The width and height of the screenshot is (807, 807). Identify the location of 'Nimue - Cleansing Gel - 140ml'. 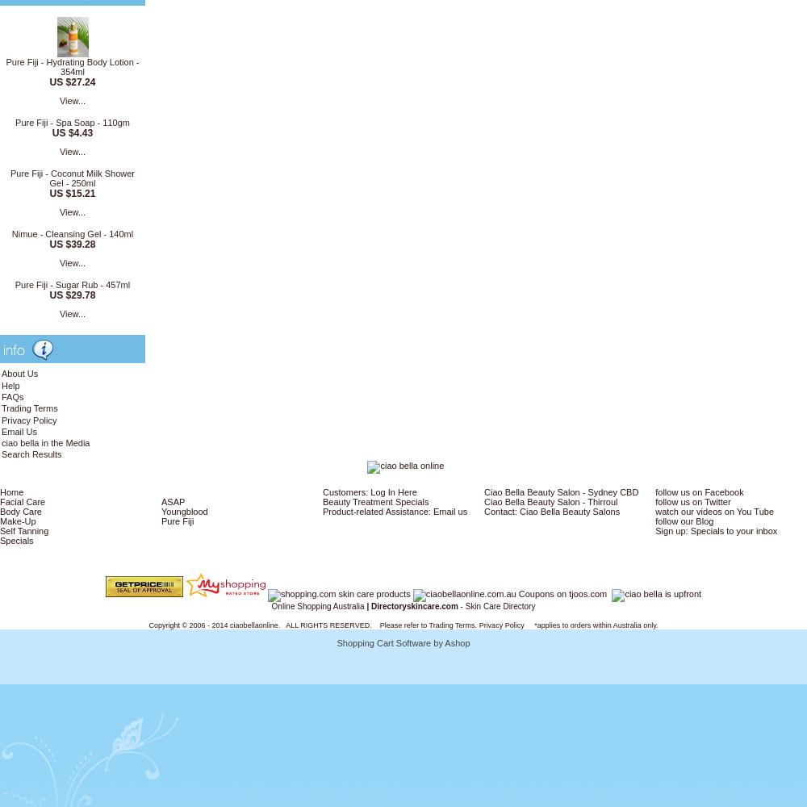
(71, 234).